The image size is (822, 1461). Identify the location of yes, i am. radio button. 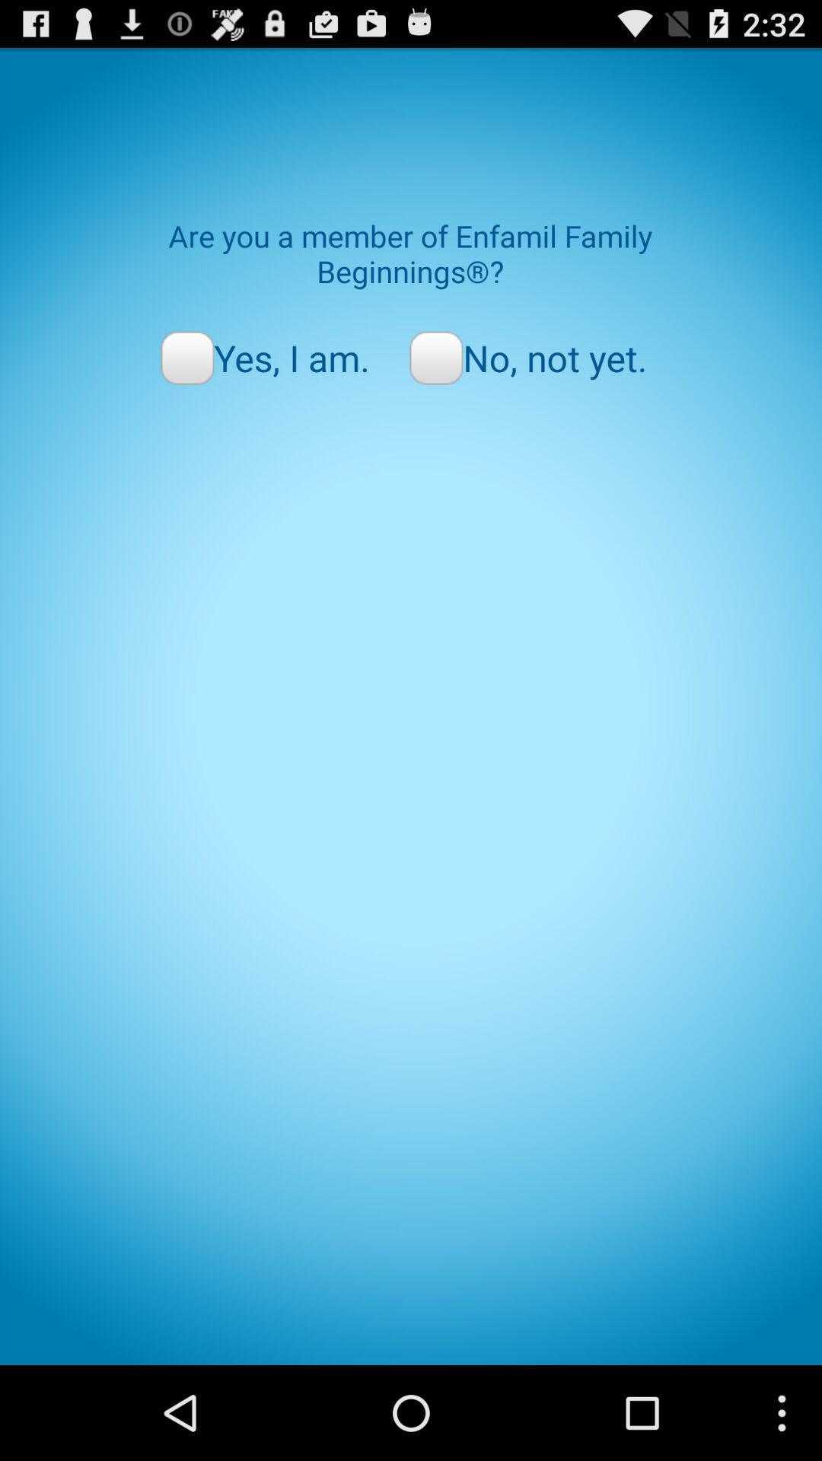
(264, 357).